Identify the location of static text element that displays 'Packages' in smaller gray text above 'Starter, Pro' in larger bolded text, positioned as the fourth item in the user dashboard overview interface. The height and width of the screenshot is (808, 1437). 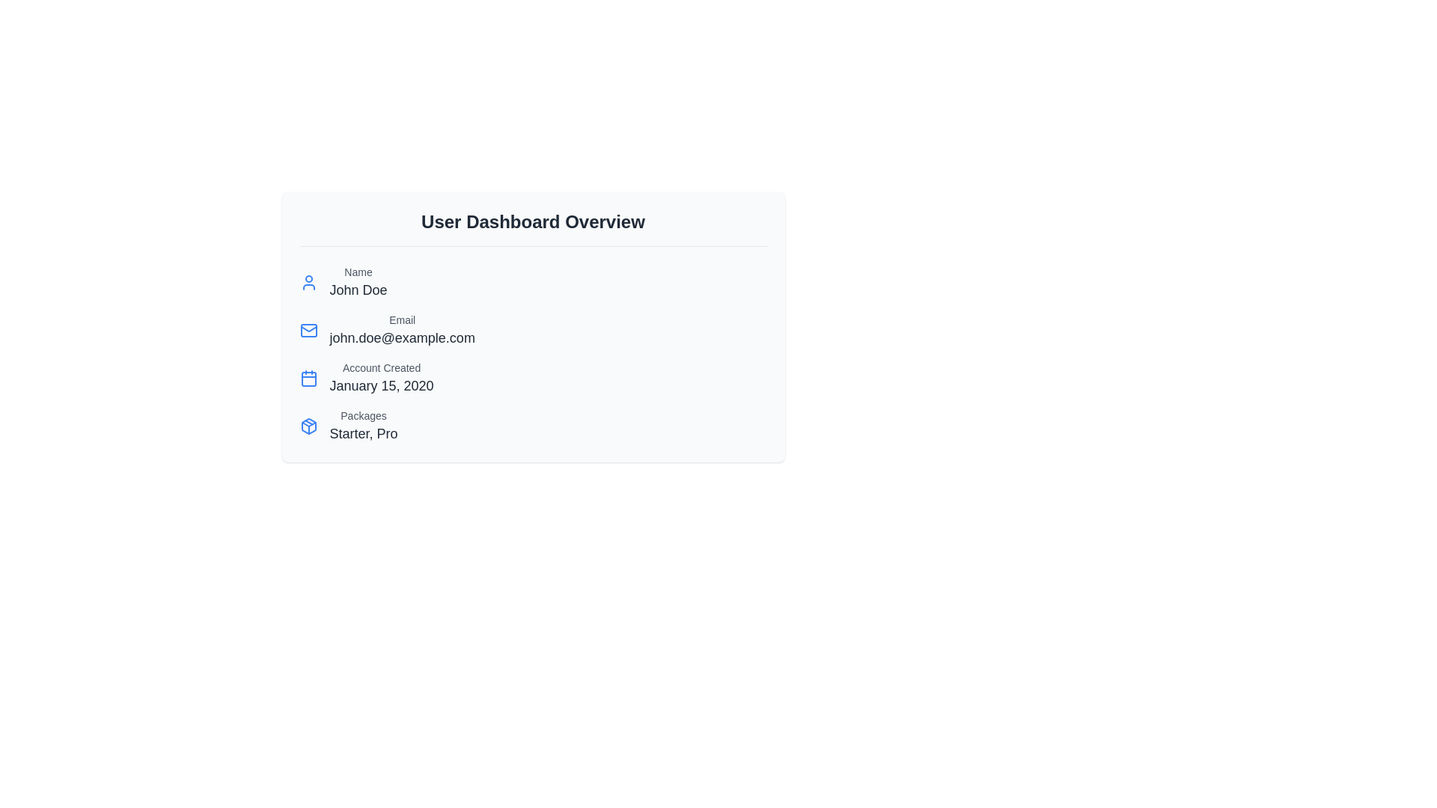
(363, 426).